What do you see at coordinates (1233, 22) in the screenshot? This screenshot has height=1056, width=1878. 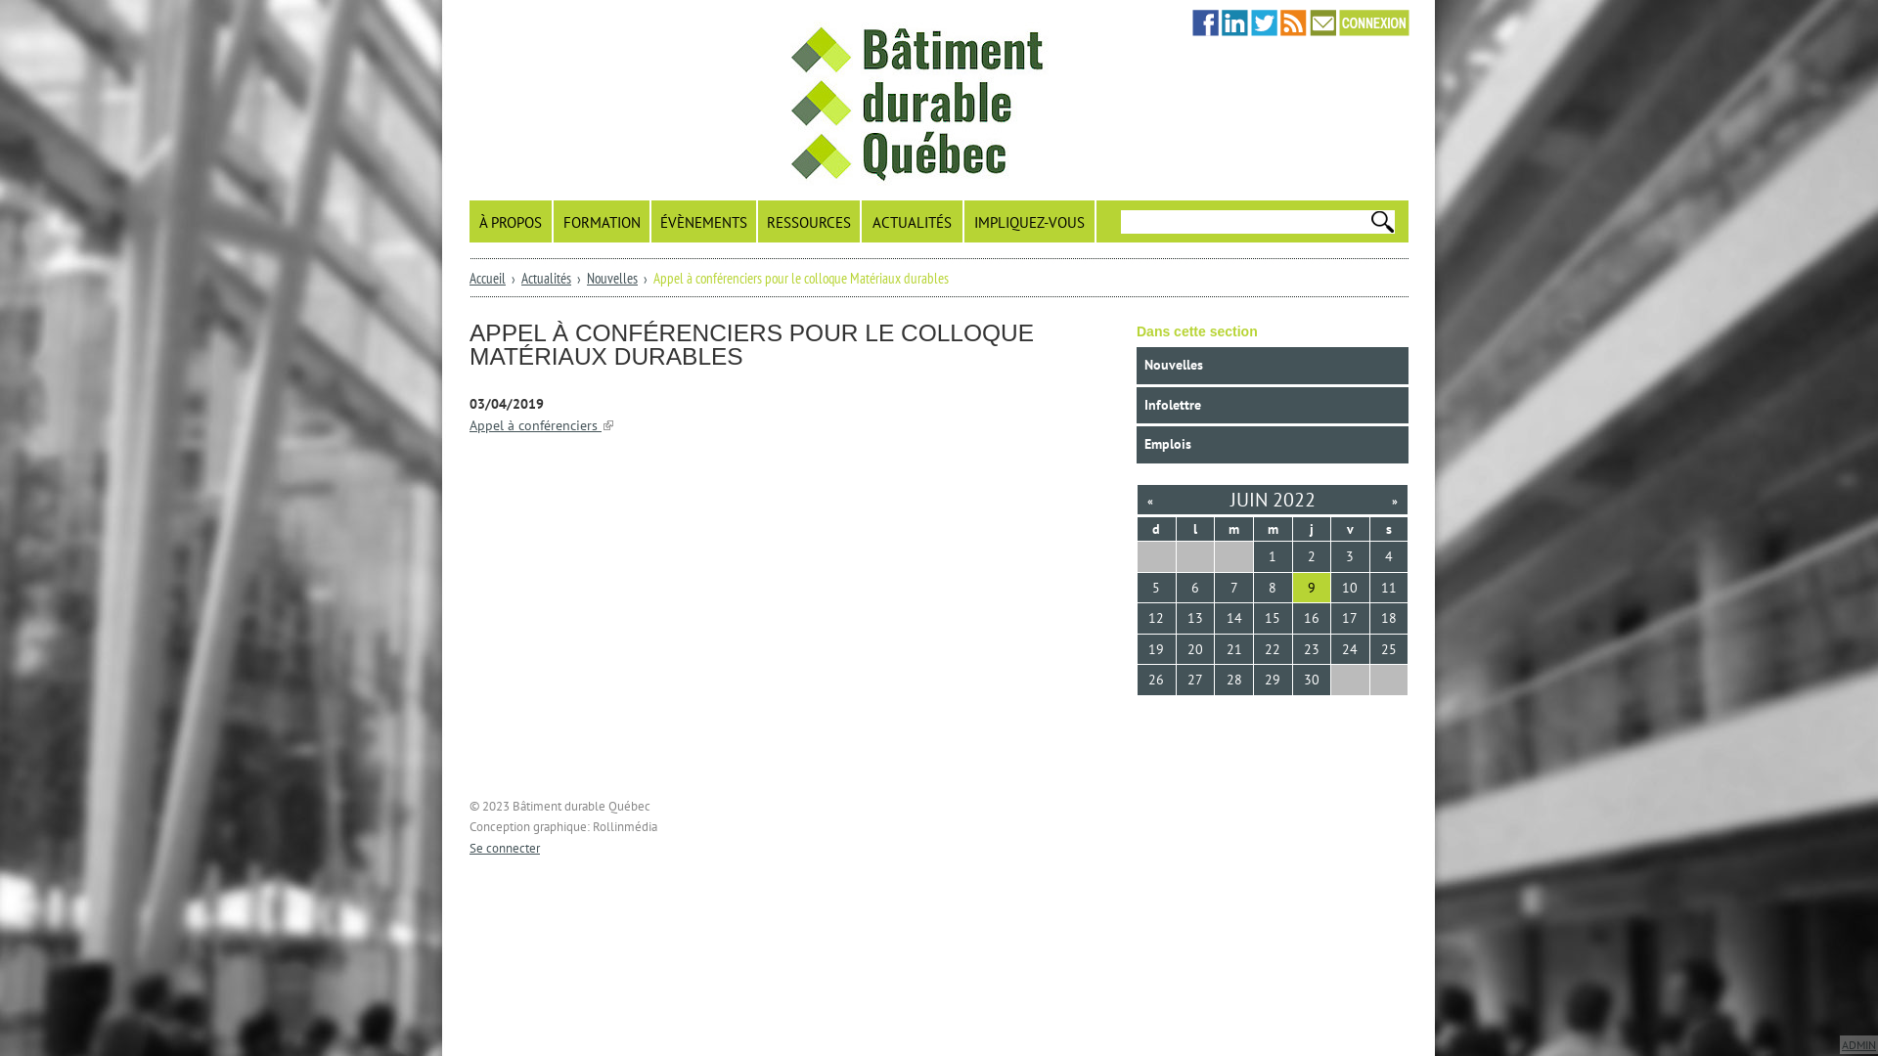 I see `'LinkedIn'` at bounding box center [1233, 22].